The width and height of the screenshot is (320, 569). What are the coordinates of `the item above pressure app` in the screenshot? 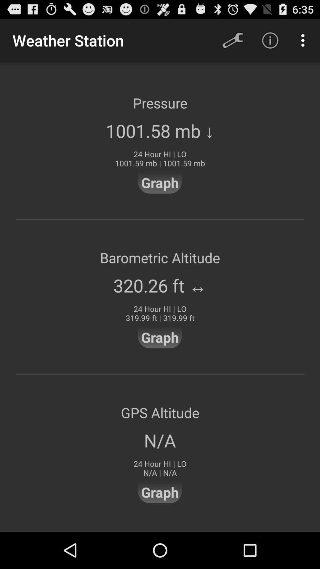 It's located at (270, 40).